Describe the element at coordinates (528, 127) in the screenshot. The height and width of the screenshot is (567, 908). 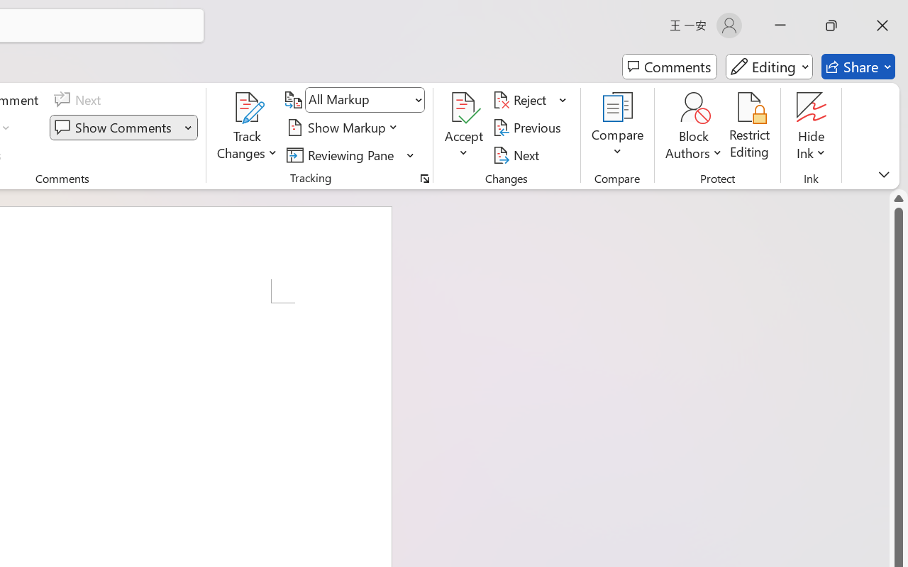
I see `'Previous'` at that location.